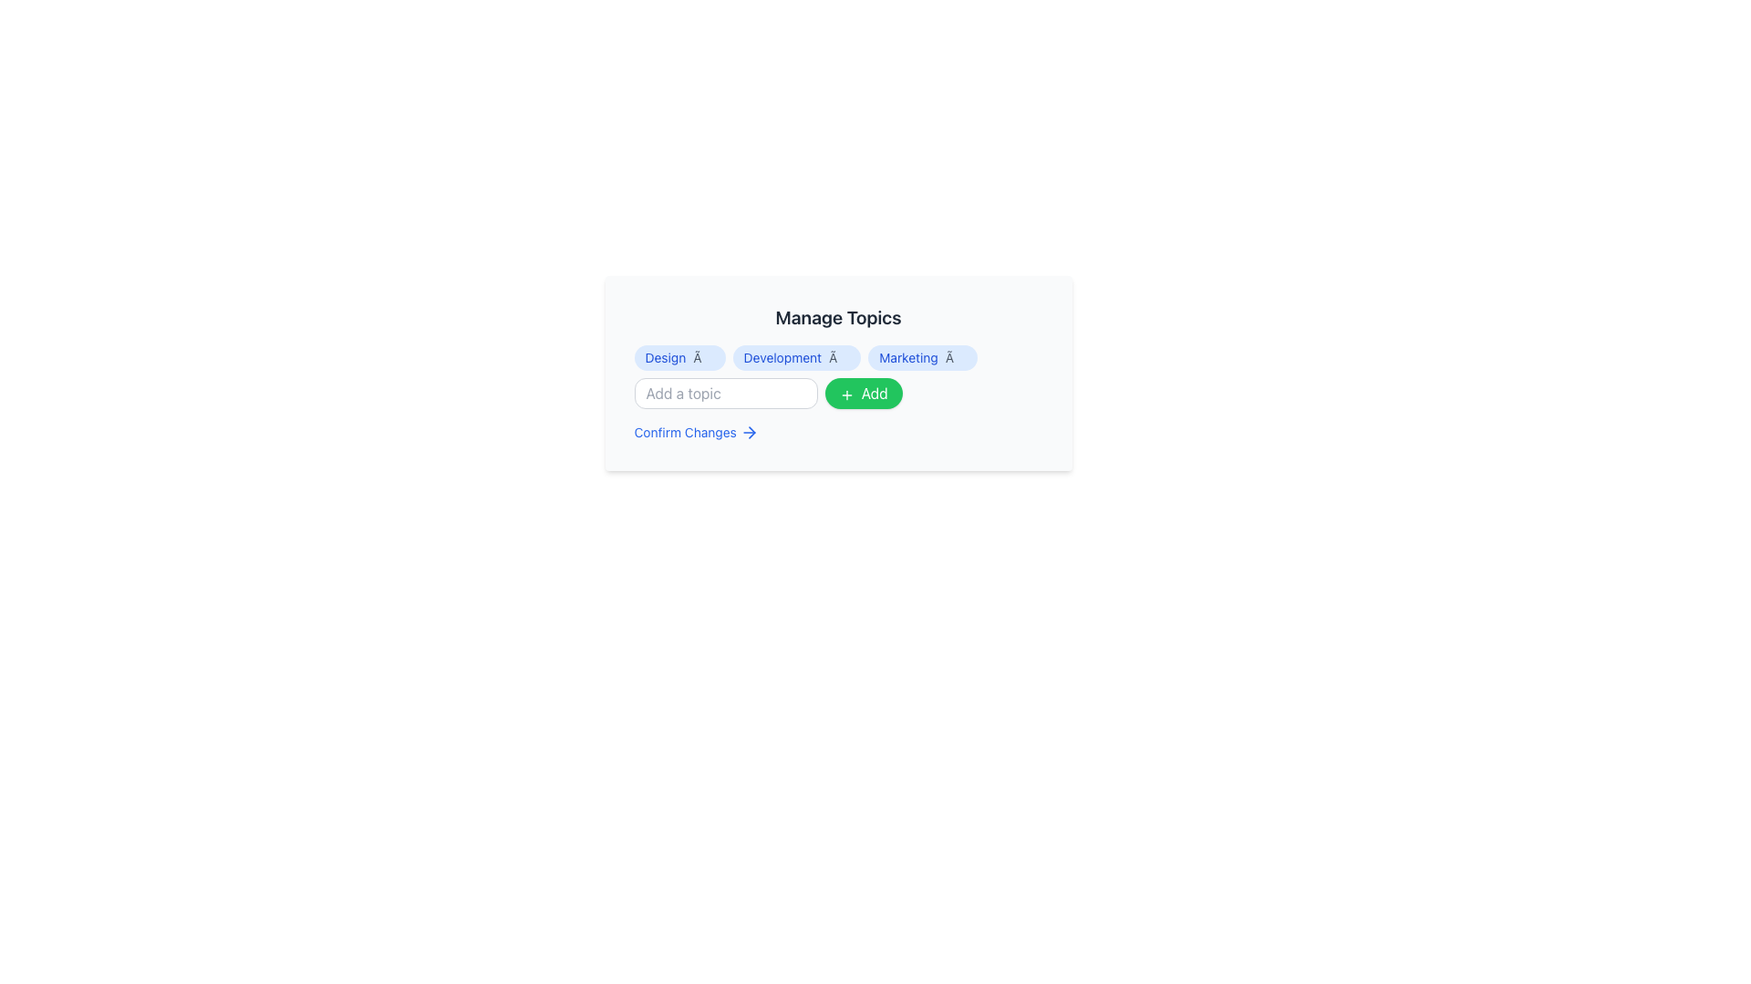  What do you see at coordinates (796, 358) in the screenshot?
I see `the '×' icon on the pill-shaped label with a blue background and text 'Development'` at bounding box center [796, 358].